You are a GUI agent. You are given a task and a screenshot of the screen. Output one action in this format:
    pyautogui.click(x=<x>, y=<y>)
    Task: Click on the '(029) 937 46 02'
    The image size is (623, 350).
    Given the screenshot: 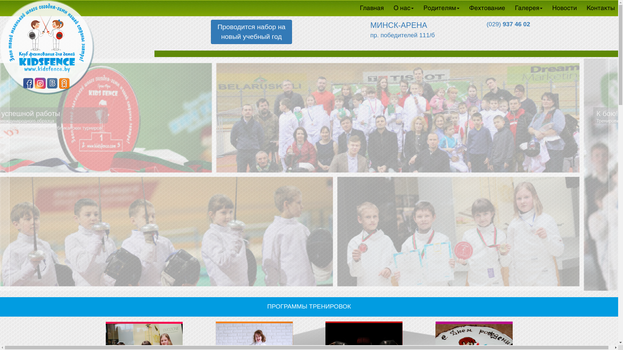 What is the action you would take?
    pyautogui.click(x=503, y=24)
    